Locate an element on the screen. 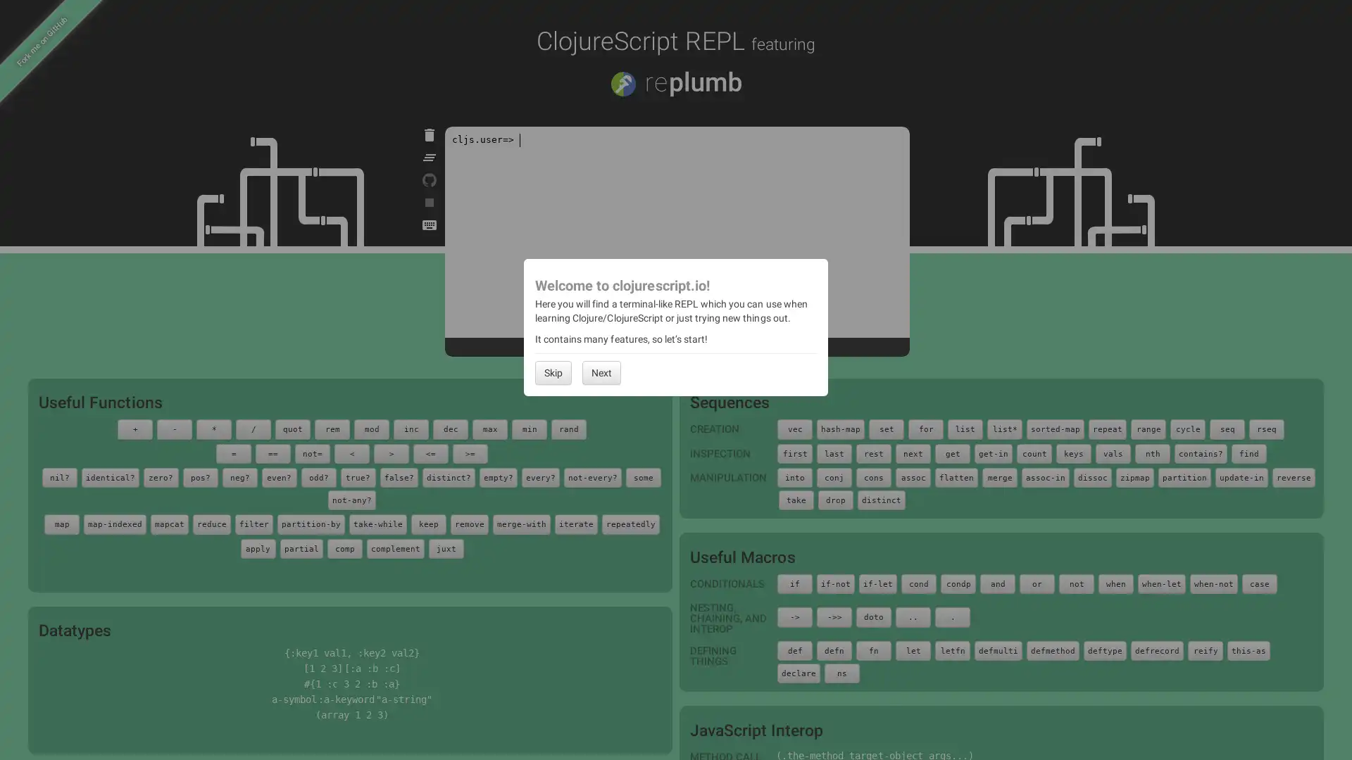 Image resolution: width=1352 pixels, height=760 pixels. < is located at coordinates (351, 453).